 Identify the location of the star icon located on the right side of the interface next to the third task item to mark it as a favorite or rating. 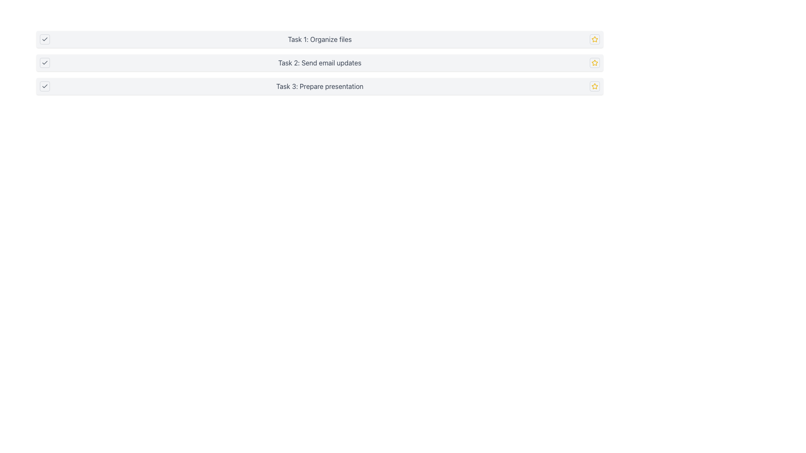
(594, 62).